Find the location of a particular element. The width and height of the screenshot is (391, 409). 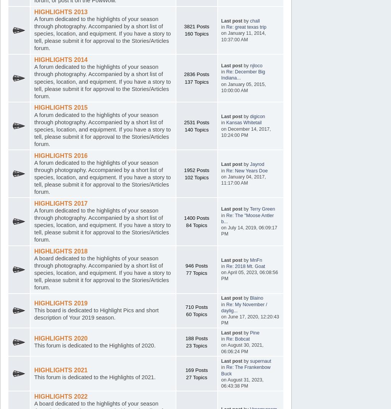

'Kansas Whitetail' is located at coordinates (244, 123).